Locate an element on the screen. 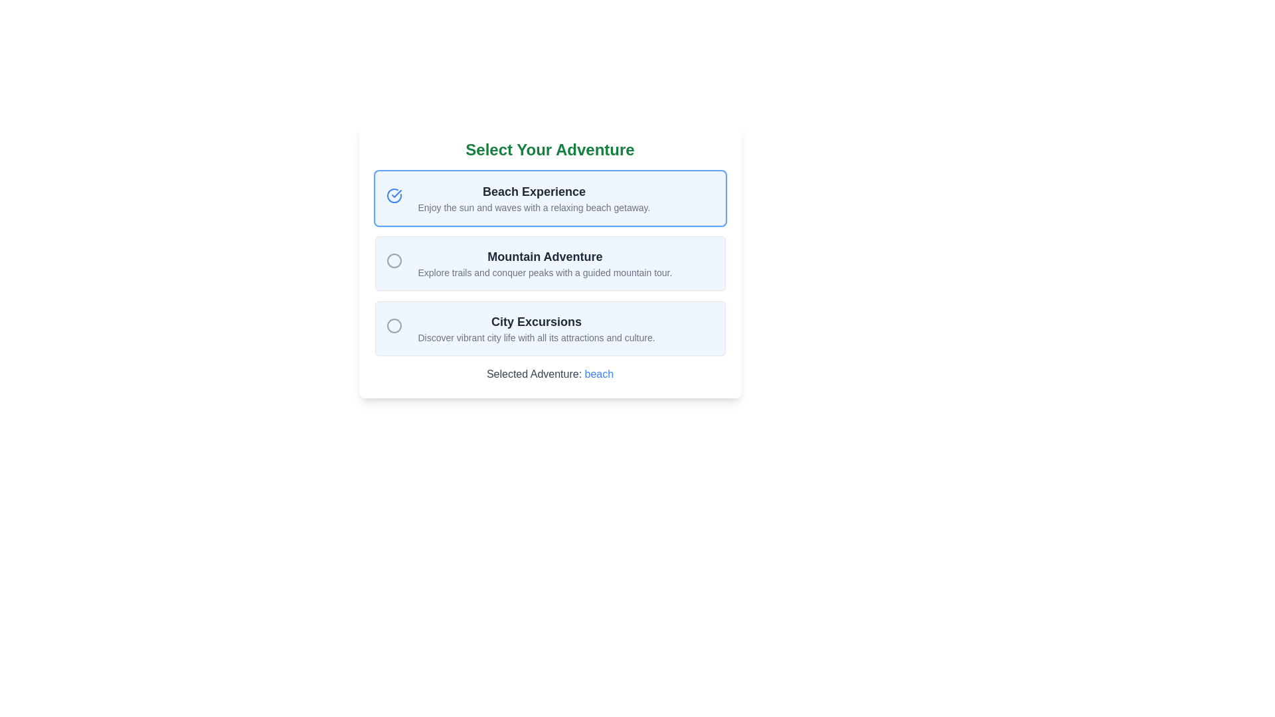 The image size is (1275, 717). the SVG circle that indicates the unselected state for the 'Mountain Adventure' selection option is located at coordinates (393, 261).